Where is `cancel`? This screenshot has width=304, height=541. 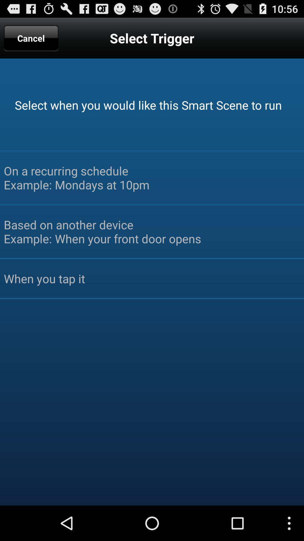
cancel is located at coordinates (31, 38).